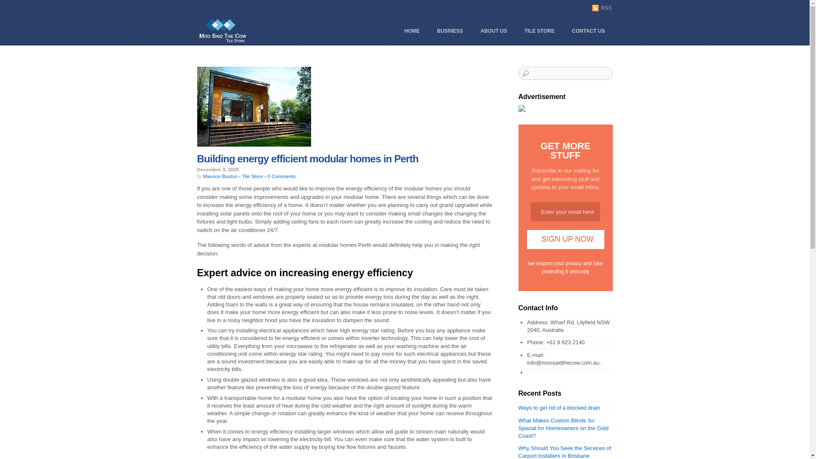 This screenshot has width=816, height=459. What do you see at coordinates (222, 41) in the screenshot?
I see `'Moo Said The Cow'` at bounding box center [222, 41].